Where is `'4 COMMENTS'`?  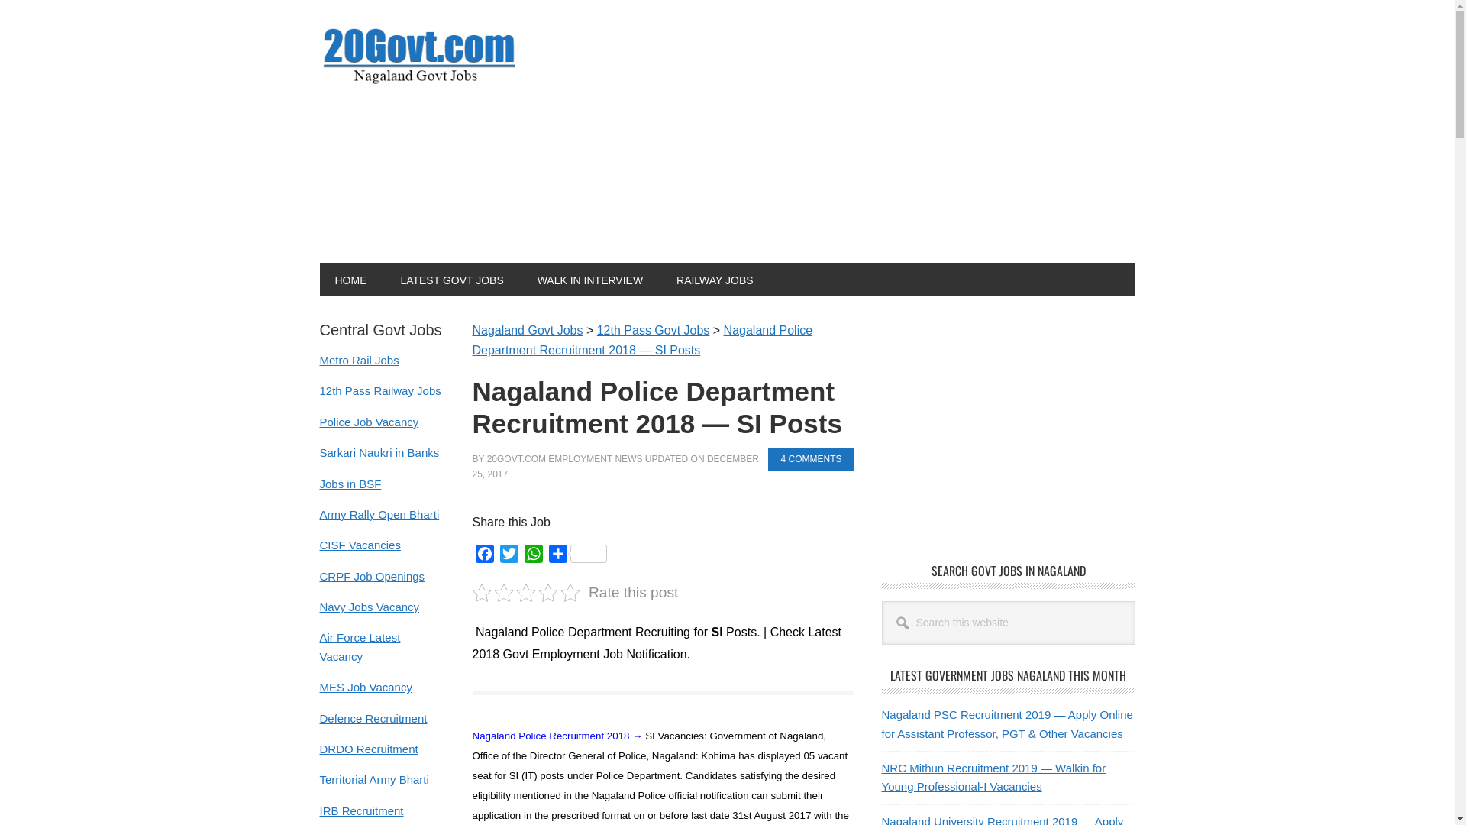
'4 COMMENTS' is located at coordinates (809, 458).